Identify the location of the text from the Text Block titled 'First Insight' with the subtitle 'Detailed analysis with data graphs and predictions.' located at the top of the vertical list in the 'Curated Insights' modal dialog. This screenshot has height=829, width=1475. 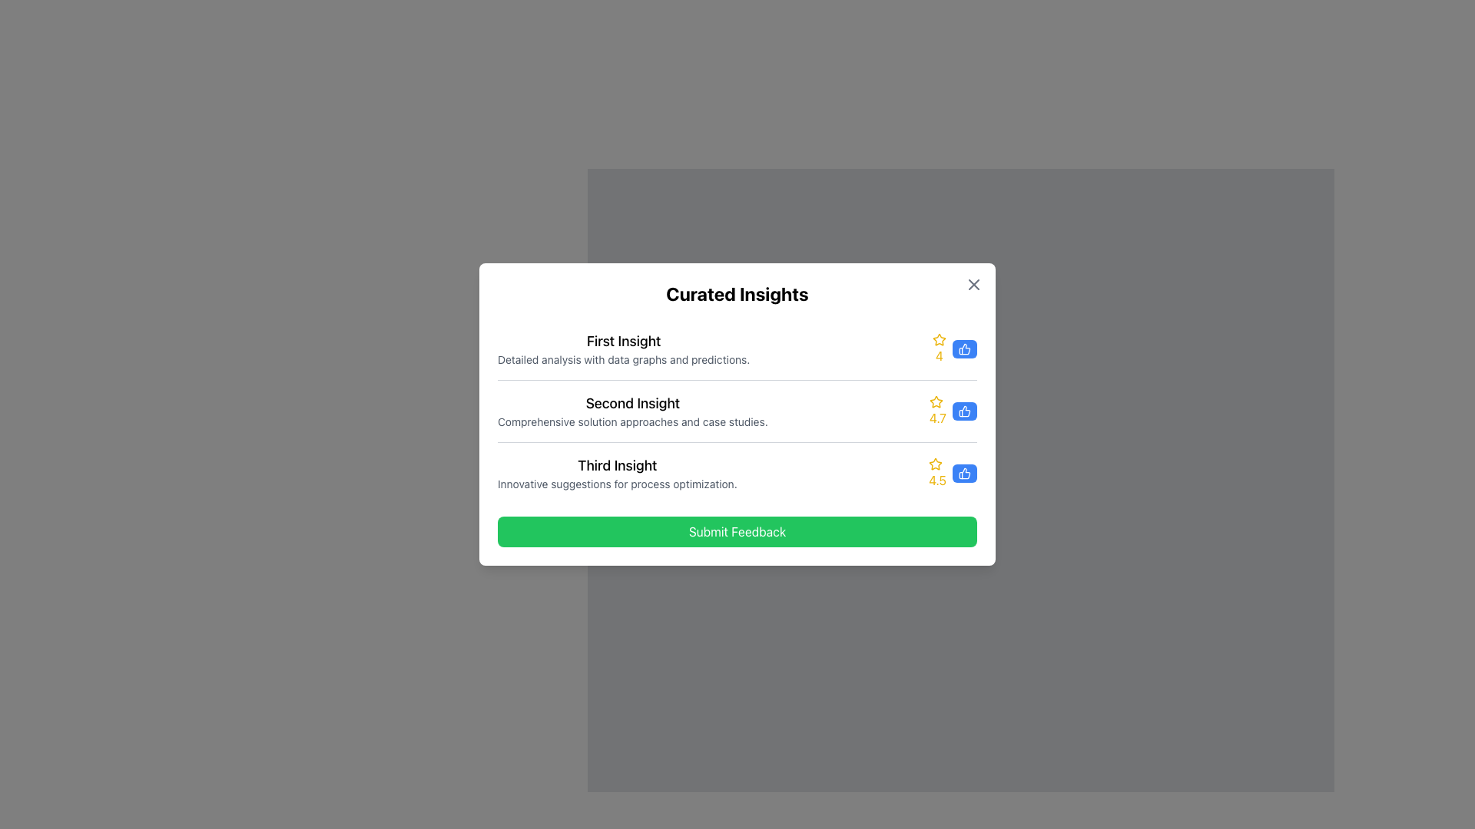
(624, 349).